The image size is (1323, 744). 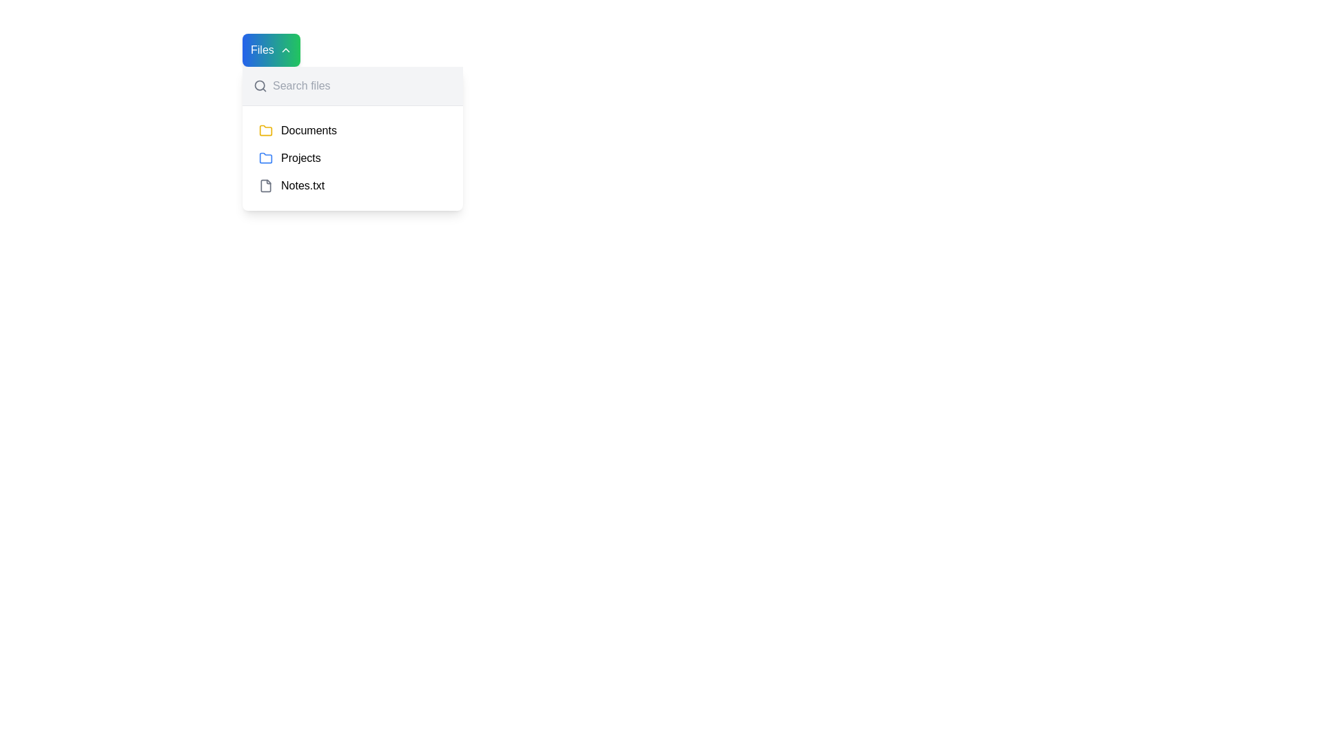 What do you see at coordinates (265, 186) in the screenshot?
I see `the file document icon located at the beginning of the 'Notes.txt' row, which is the third item in the vertical list of files and folders` at bounding box center [265, 186].